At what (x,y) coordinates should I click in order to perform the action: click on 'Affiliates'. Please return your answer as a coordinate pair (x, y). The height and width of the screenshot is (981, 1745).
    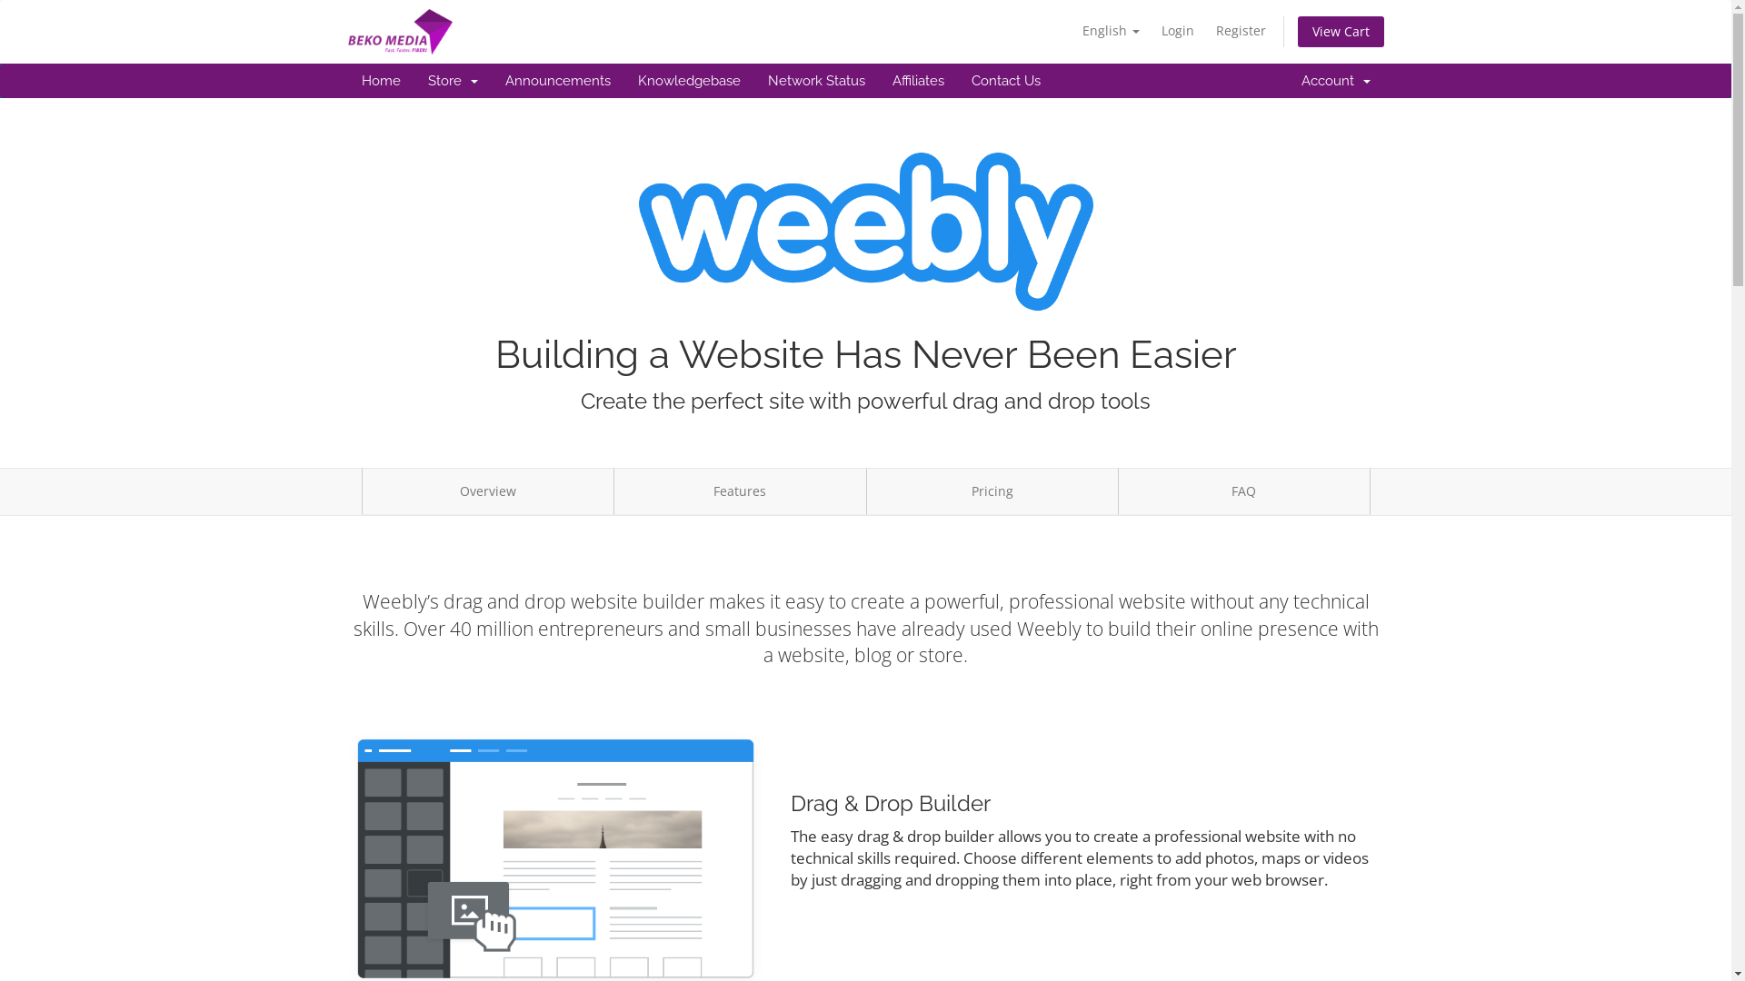
    Looking at the image, I should click on (917, 79).